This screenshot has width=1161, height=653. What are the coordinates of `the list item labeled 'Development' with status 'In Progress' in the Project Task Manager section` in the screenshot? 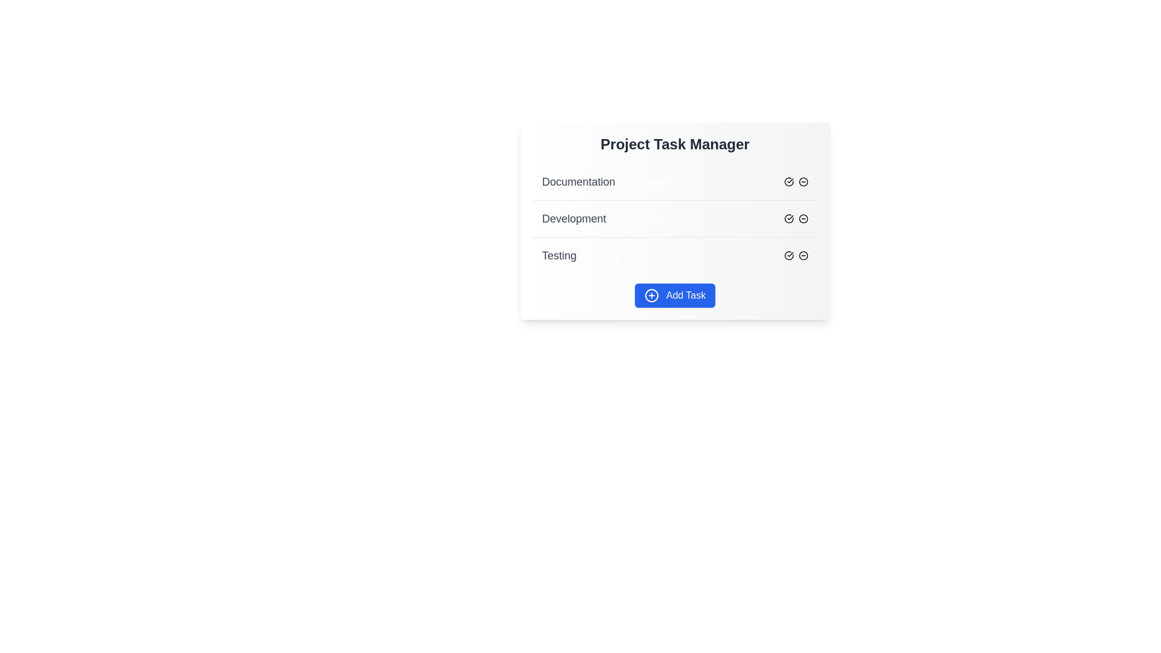 It's located at (674, 219).